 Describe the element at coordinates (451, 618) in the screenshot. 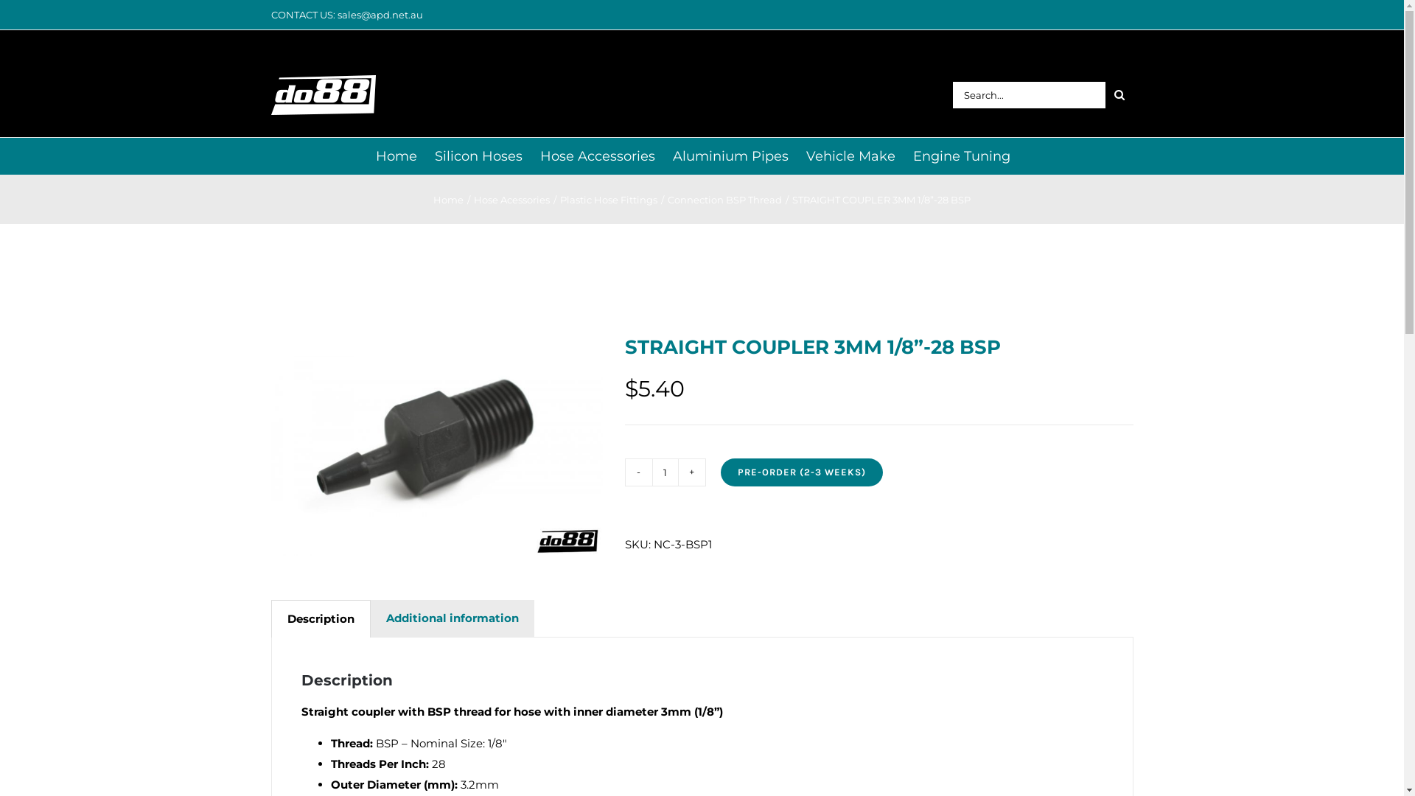

I see `'Additional information'` at that location.